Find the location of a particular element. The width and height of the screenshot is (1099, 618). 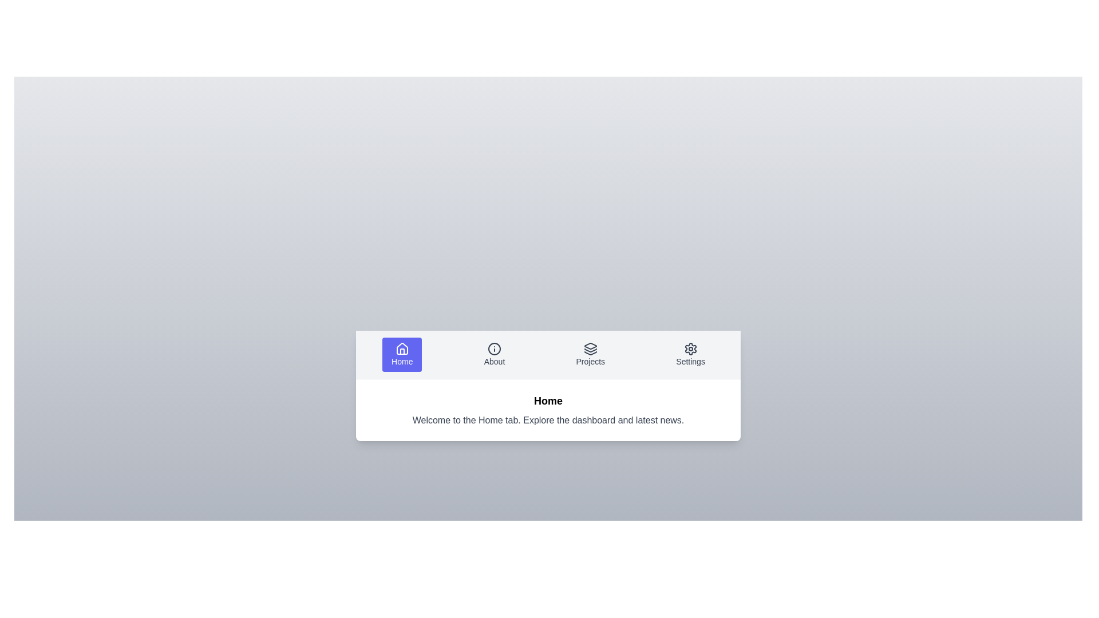

the tab labeled Settings to inspect its layout and content is located at coordinates (689, 353).